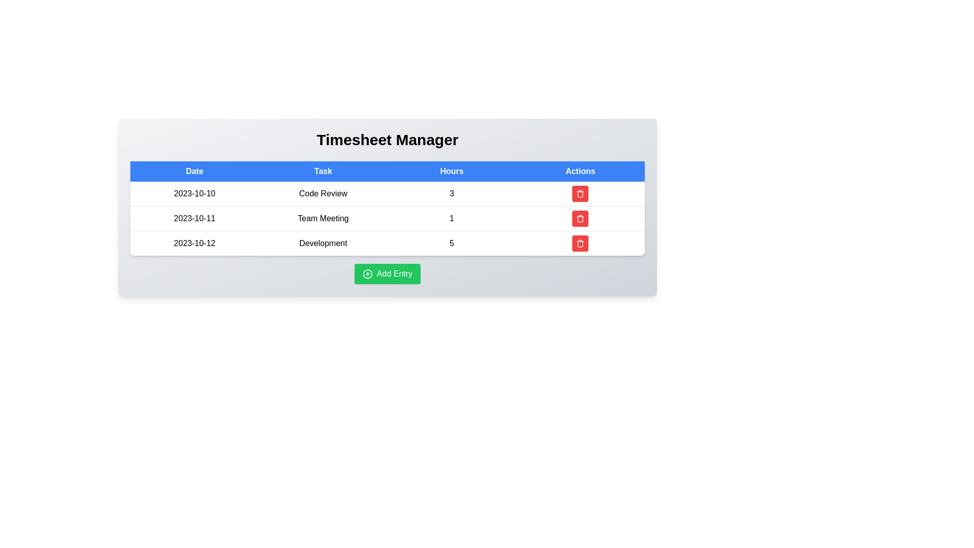 The height and width of the screenshot is (548, 974). I want to click on value of the centered-aligned text '5' located in the third row of the 'Hours' column in a table-like structure, aligned with 'Development', so click(451, 243).